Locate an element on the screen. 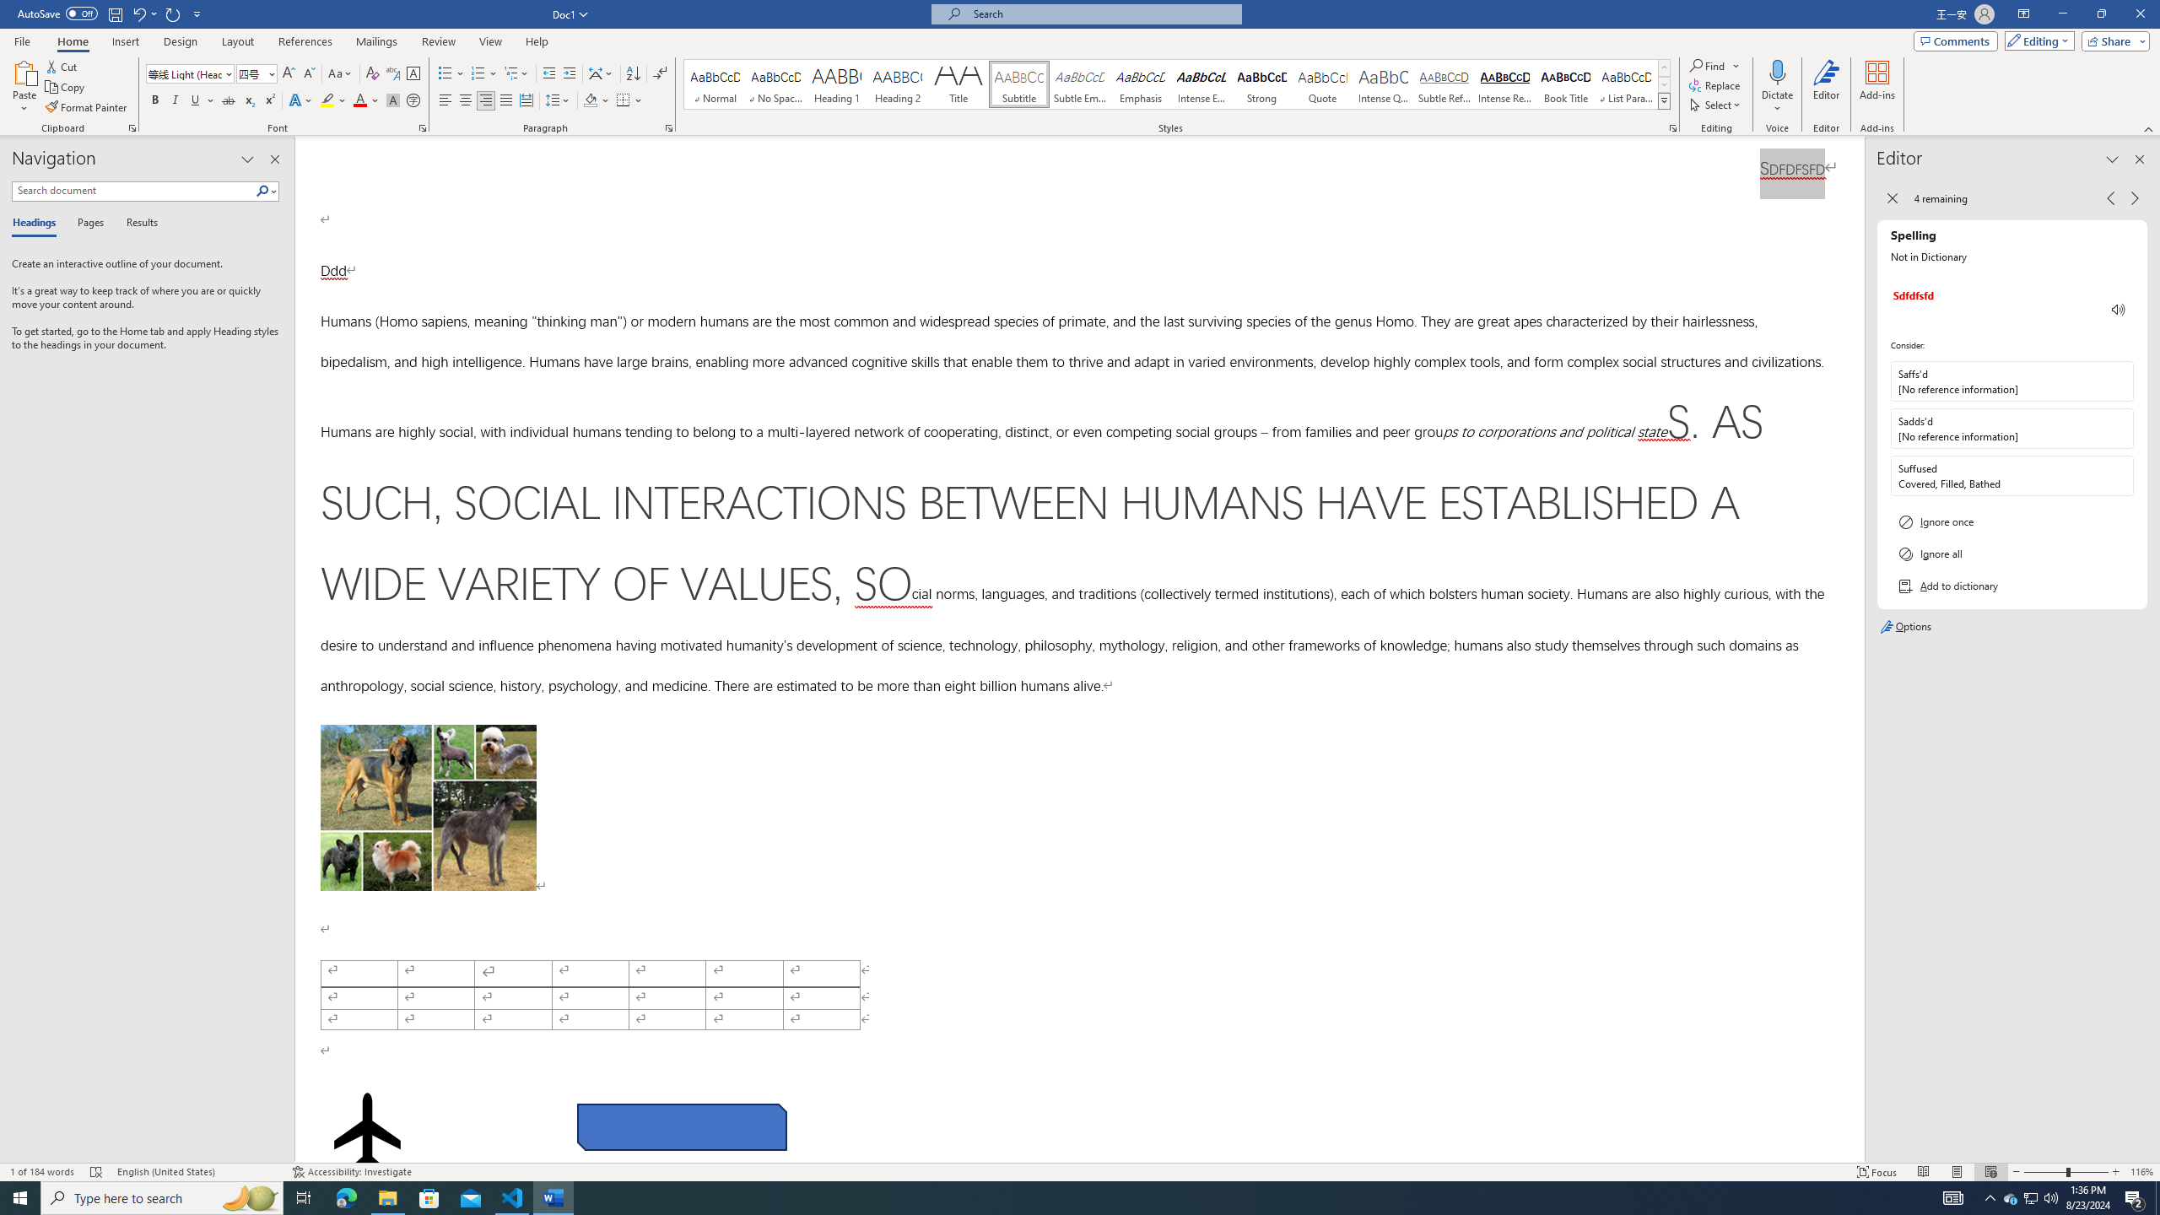 This screenshot has width=2160, height=1215. 'Previous Issue, 4 remaining' is located at coordinates (2109, 197).